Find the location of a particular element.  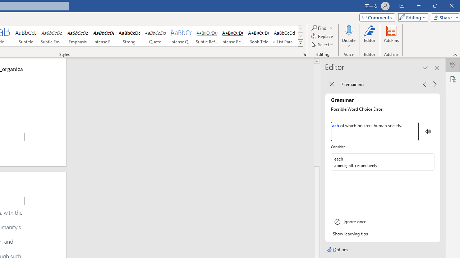

'Editor' is located at coordinates (370, 37).